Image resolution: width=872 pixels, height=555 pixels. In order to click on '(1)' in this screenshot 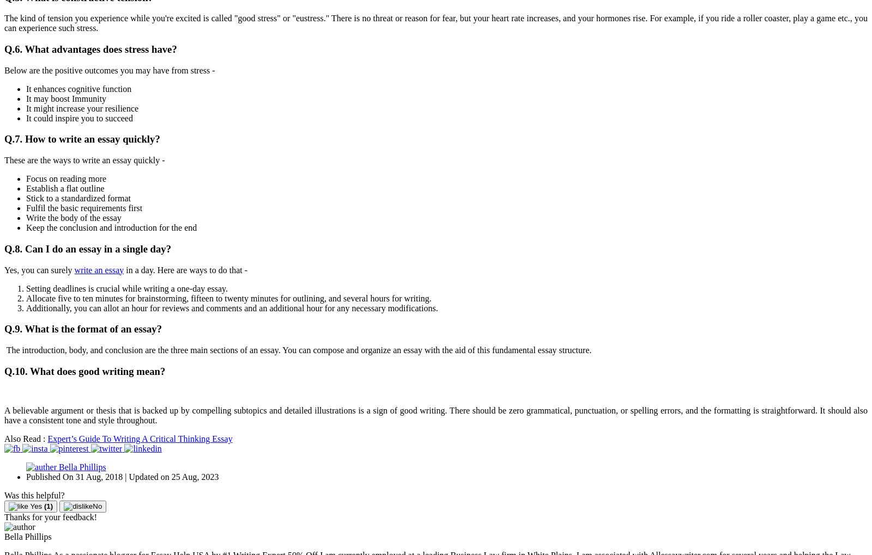, I will do `click(47, 506)`.